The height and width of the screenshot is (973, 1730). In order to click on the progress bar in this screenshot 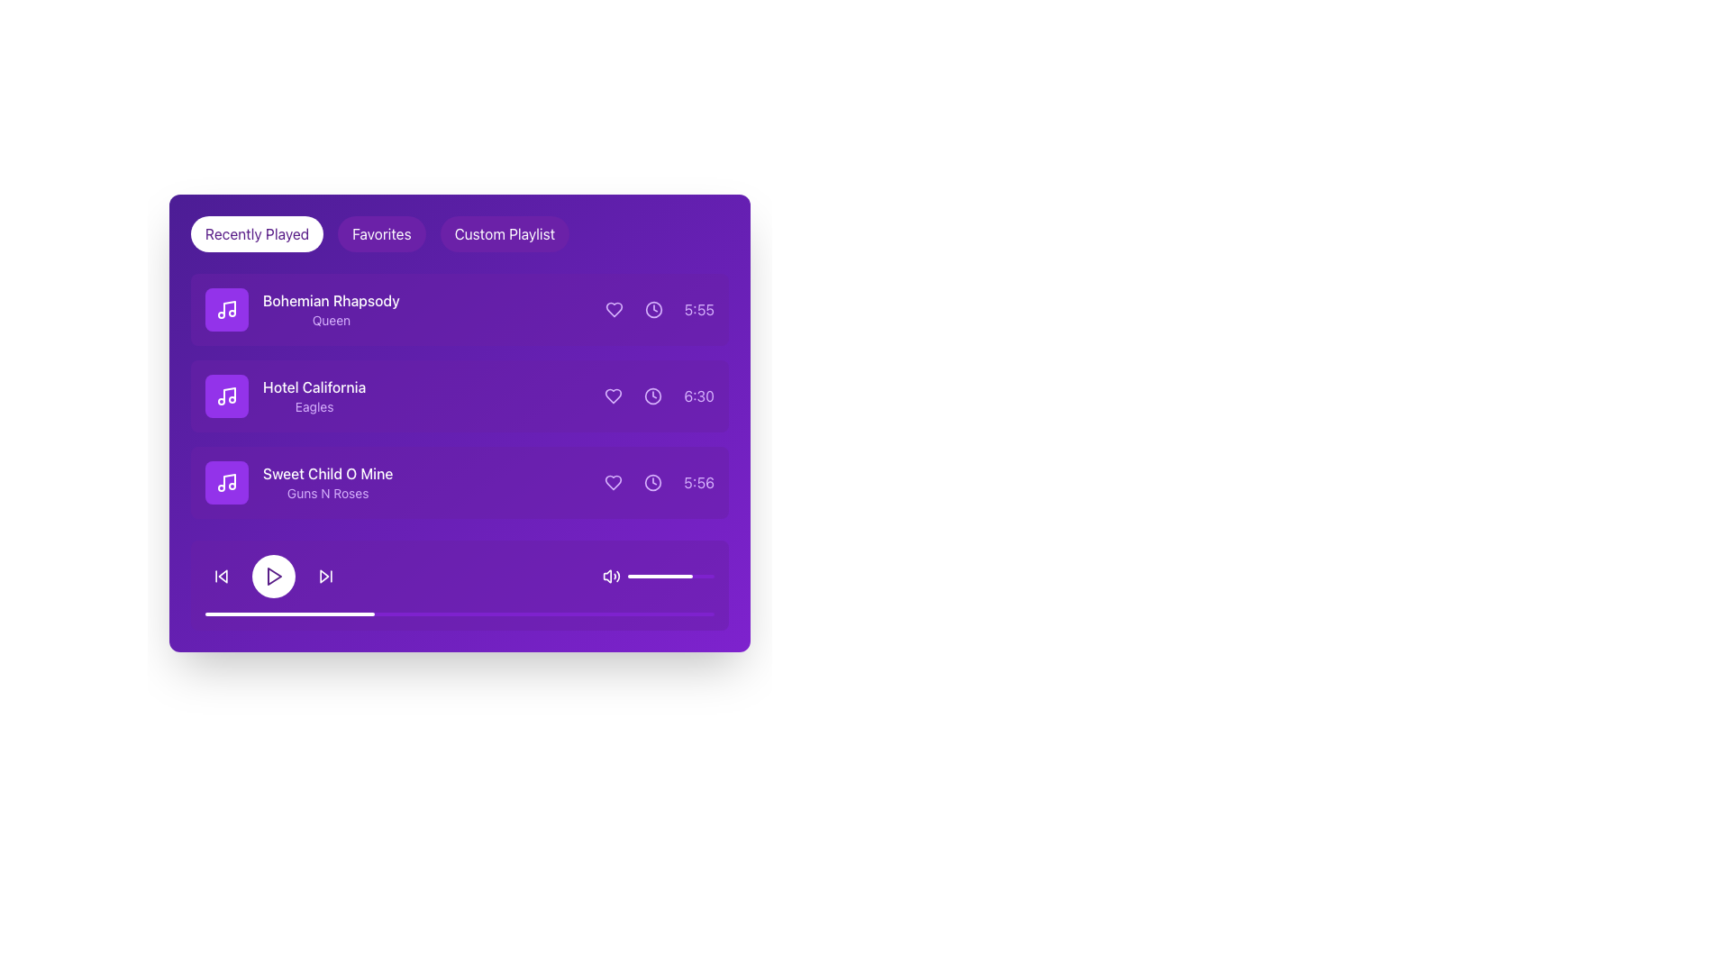, I will do `click(372, 614)`.